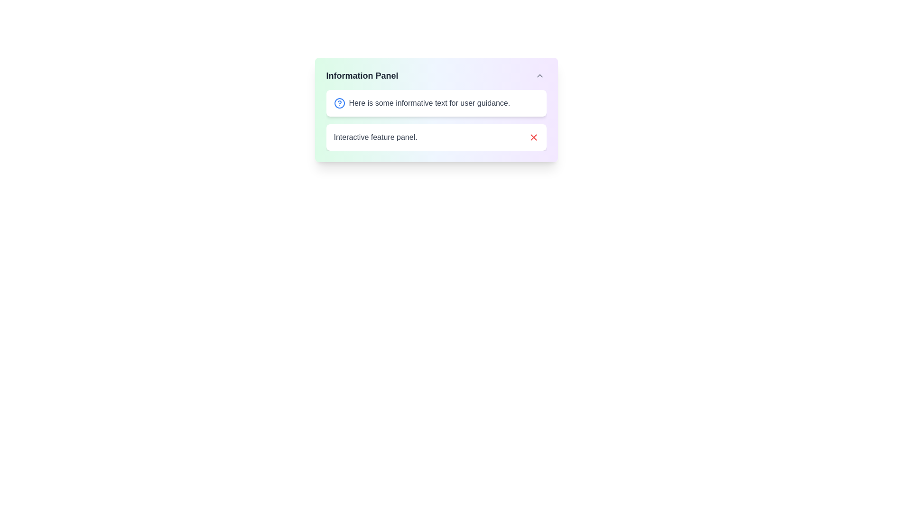  Describe the element at coordinates (533, 137) in the screenshot. I see `the red 'X' icon button located in the lower right section of the interactive feature panel` at that location.